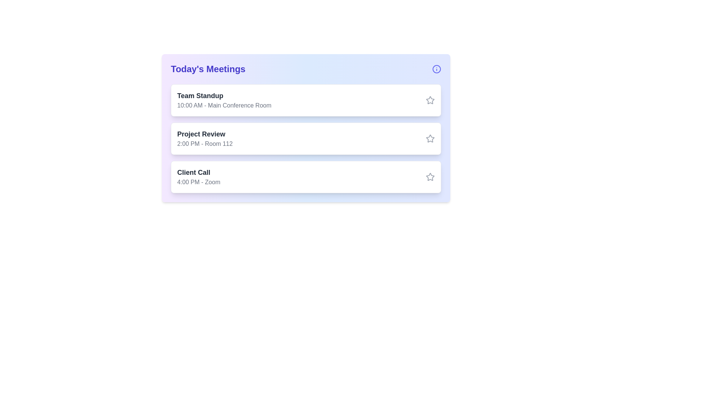 The height and width of the screenshot is (406, 721). What do you see at coordinates (430, 100) in the screenshot?
I see `the interactive star icon located in the top-right corner of the first card in the list` at bounding box center [430, 100].